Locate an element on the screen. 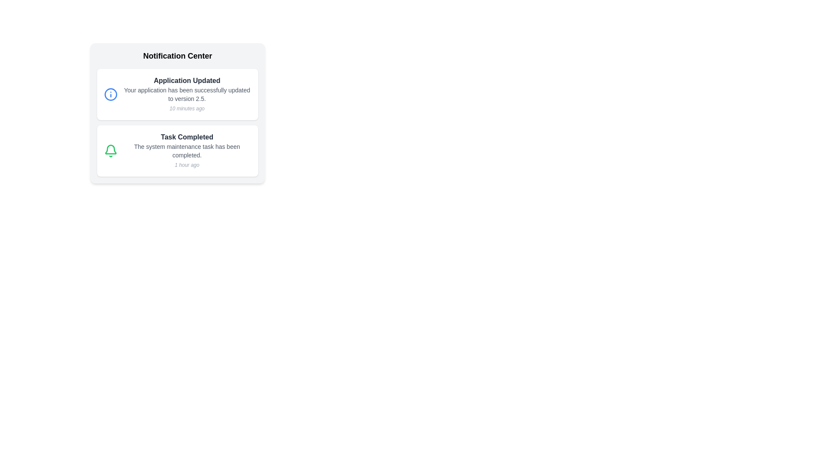  the Text label that serves as the header for the notification center, positioned at the top of the notification card is located at coordinates (177, 56).